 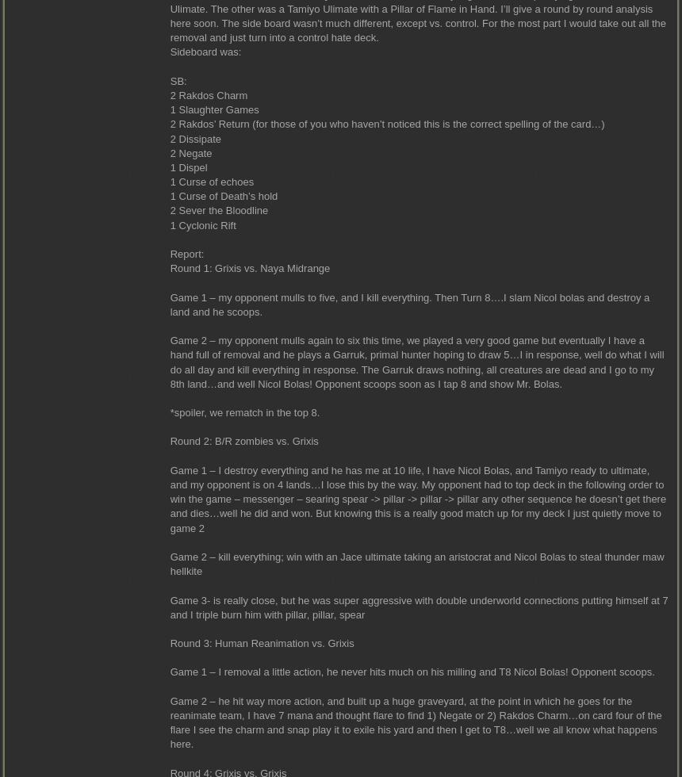 I want to click on '2 Dissipate', so click(x=195, y=138).